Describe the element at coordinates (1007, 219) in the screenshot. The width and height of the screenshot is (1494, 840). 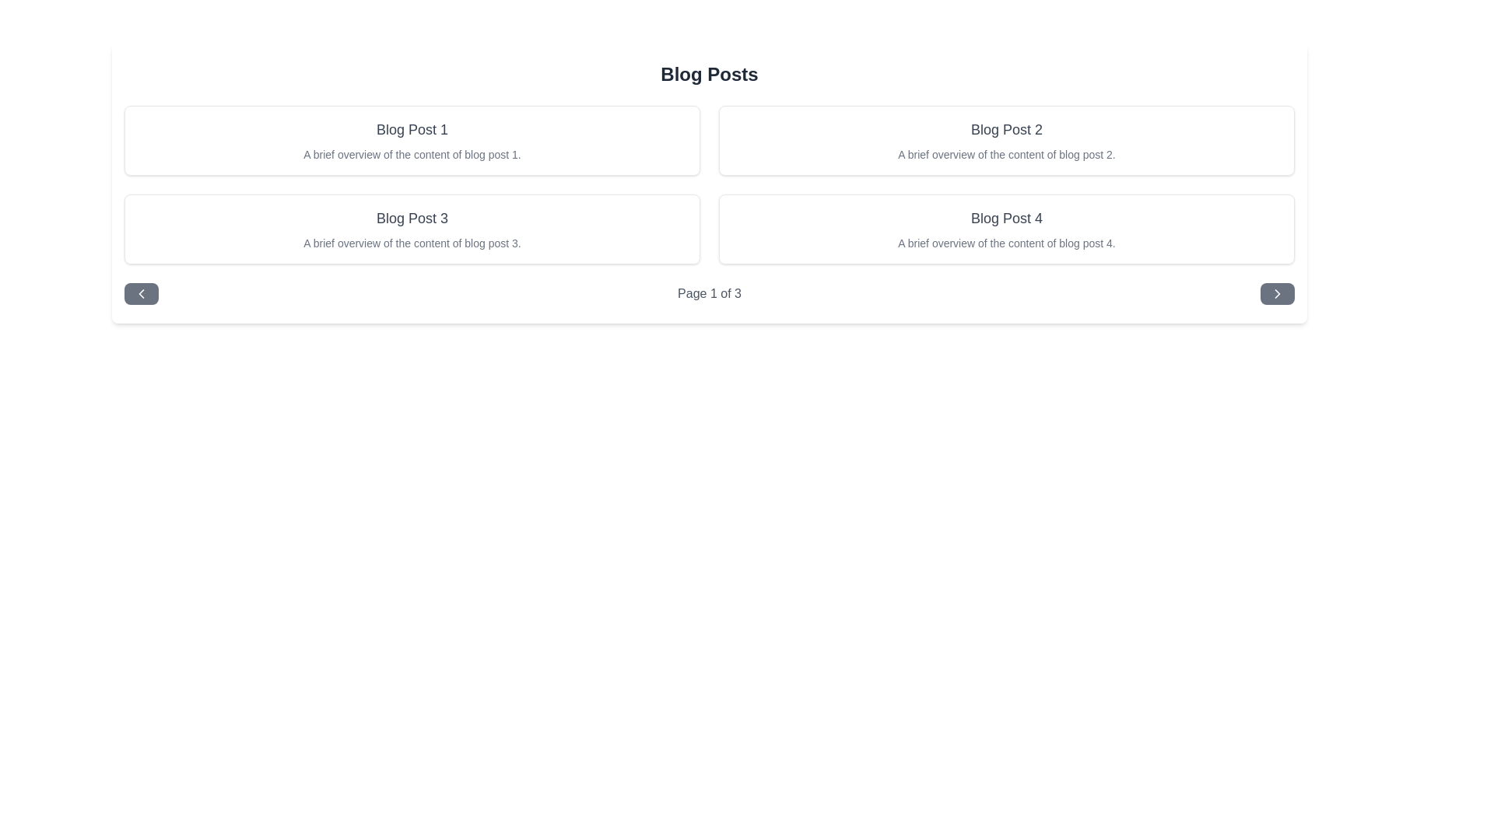
I see `the title of the fourth blog post, which visually distinguishes it from the description below, located in the lower right quadrant of the blog post grid layout` at that location.